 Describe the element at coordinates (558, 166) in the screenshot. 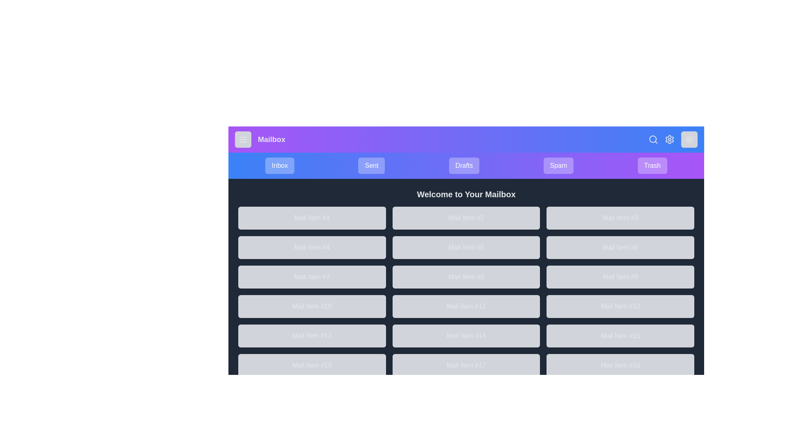

I see `the mailbox category Spam to view its contents` at that location.